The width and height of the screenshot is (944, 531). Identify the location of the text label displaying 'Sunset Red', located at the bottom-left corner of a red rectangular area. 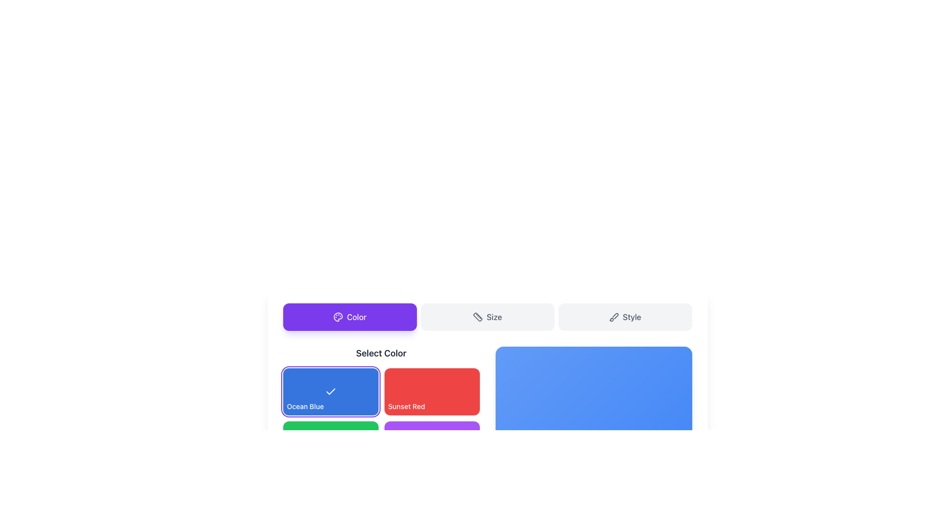
(407, 406).